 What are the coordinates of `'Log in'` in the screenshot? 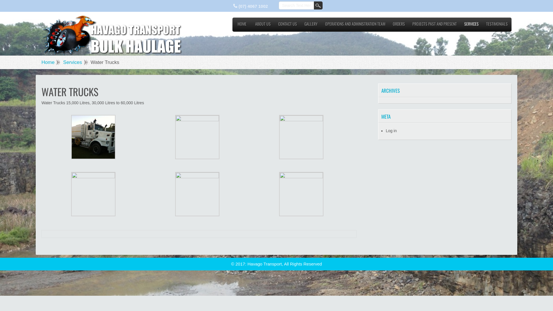 It's located at (391, 131).